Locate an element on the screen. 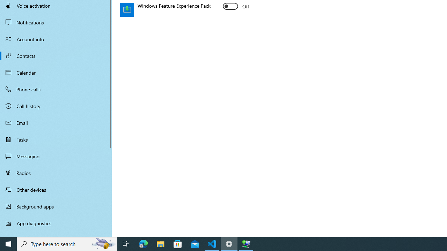 The image size is (447, 251). 'Phone calls' is located at coordinates (56, 89).